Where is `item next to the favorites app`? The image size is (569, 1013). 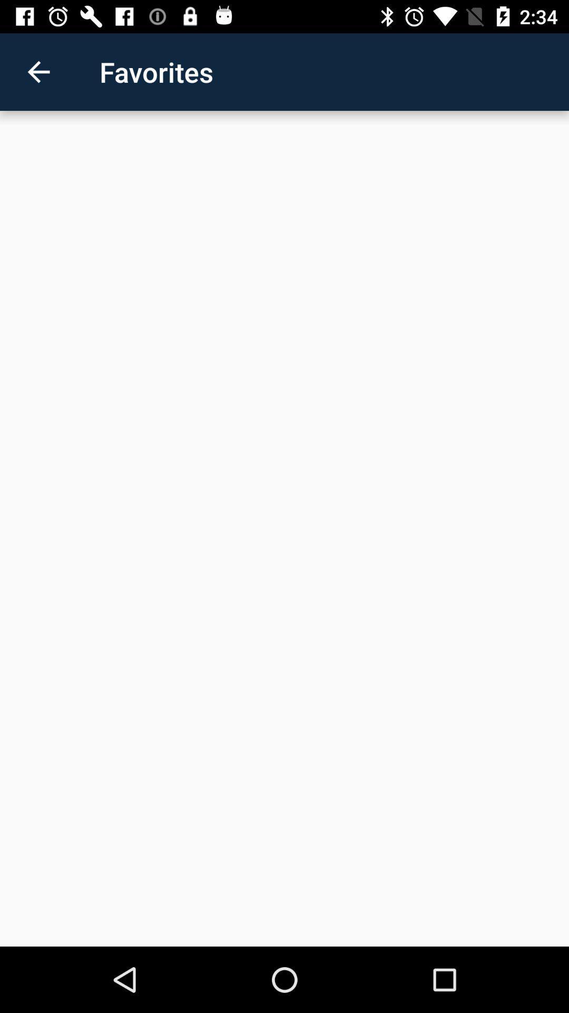
item next to the favorites app is located at coordinates (38, 71).